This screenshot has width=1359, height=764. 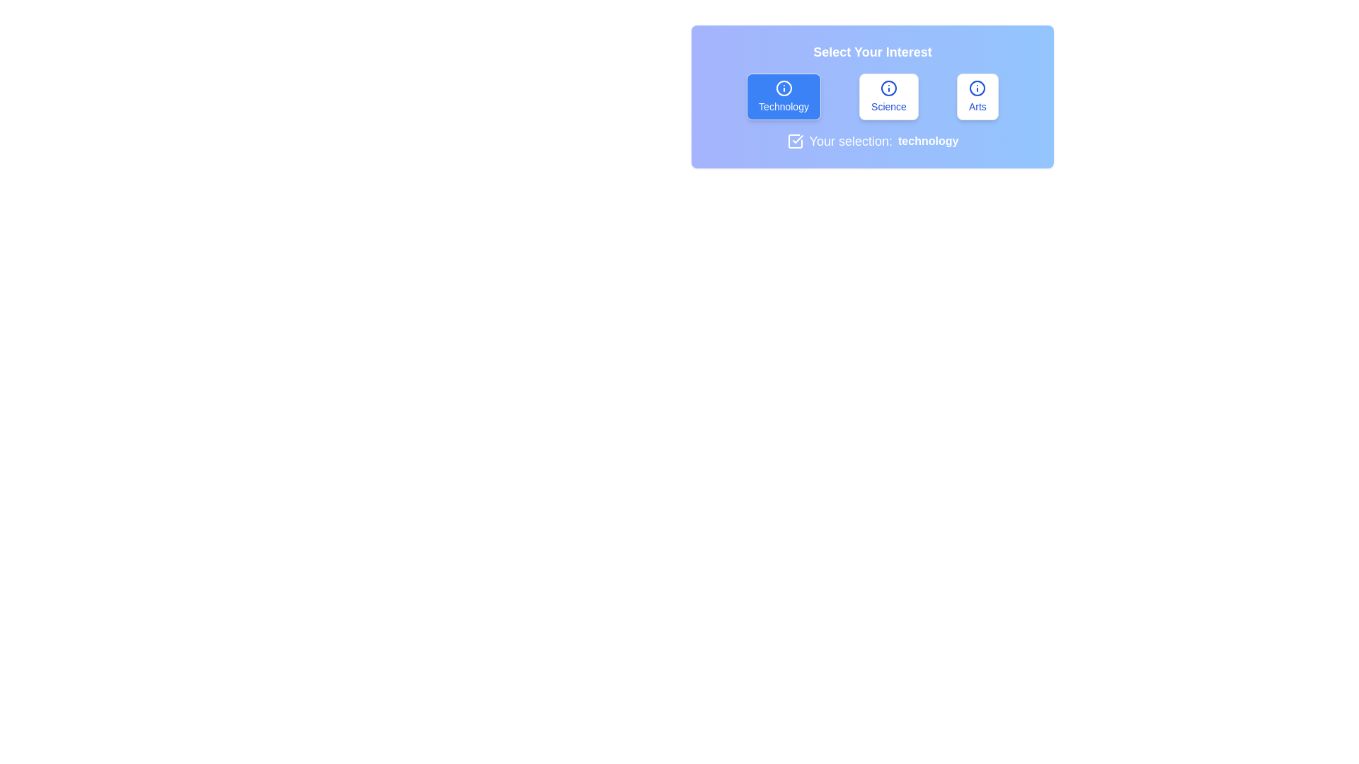 I want to click on the icon within the button labeled arts to select that interest, so click(x=977, y=96).